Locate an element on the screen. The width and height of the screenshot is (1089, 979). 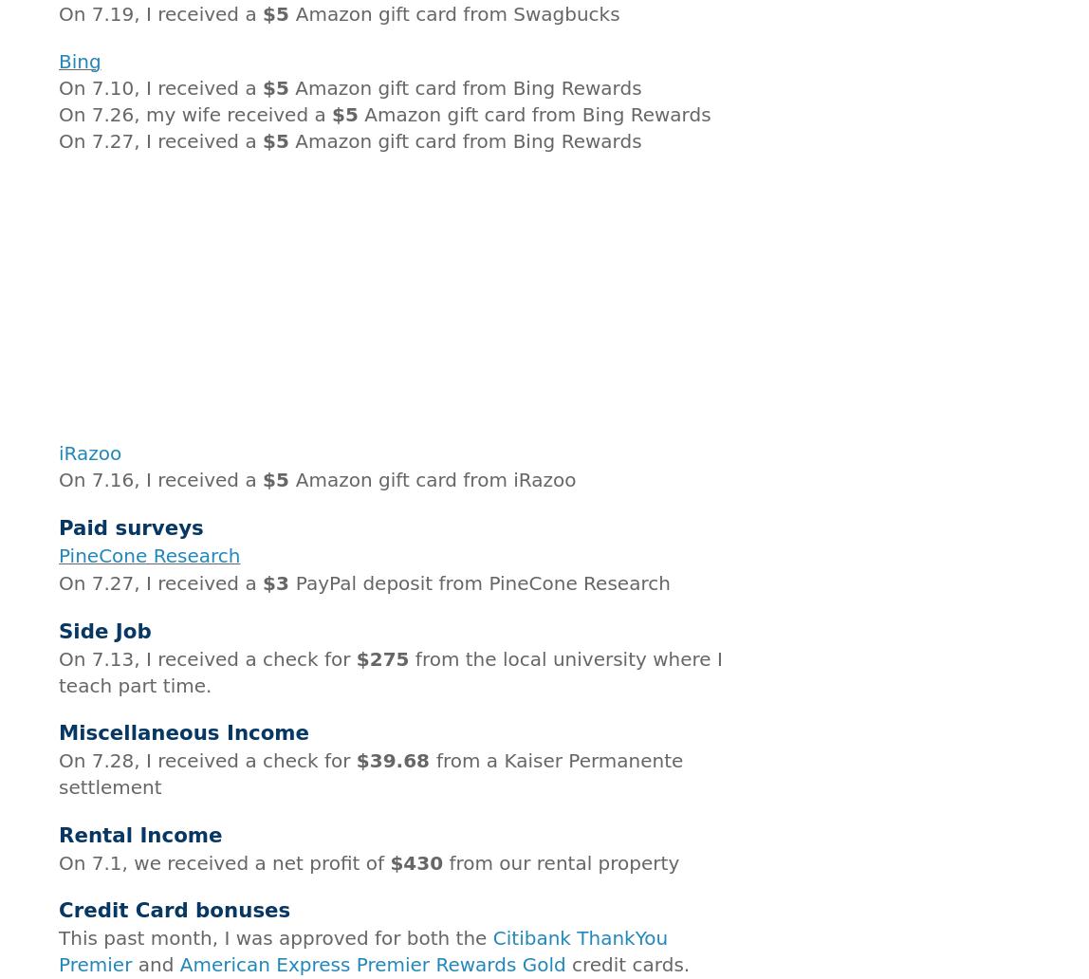
'credit cards.' is located at coordinates (627, 964).